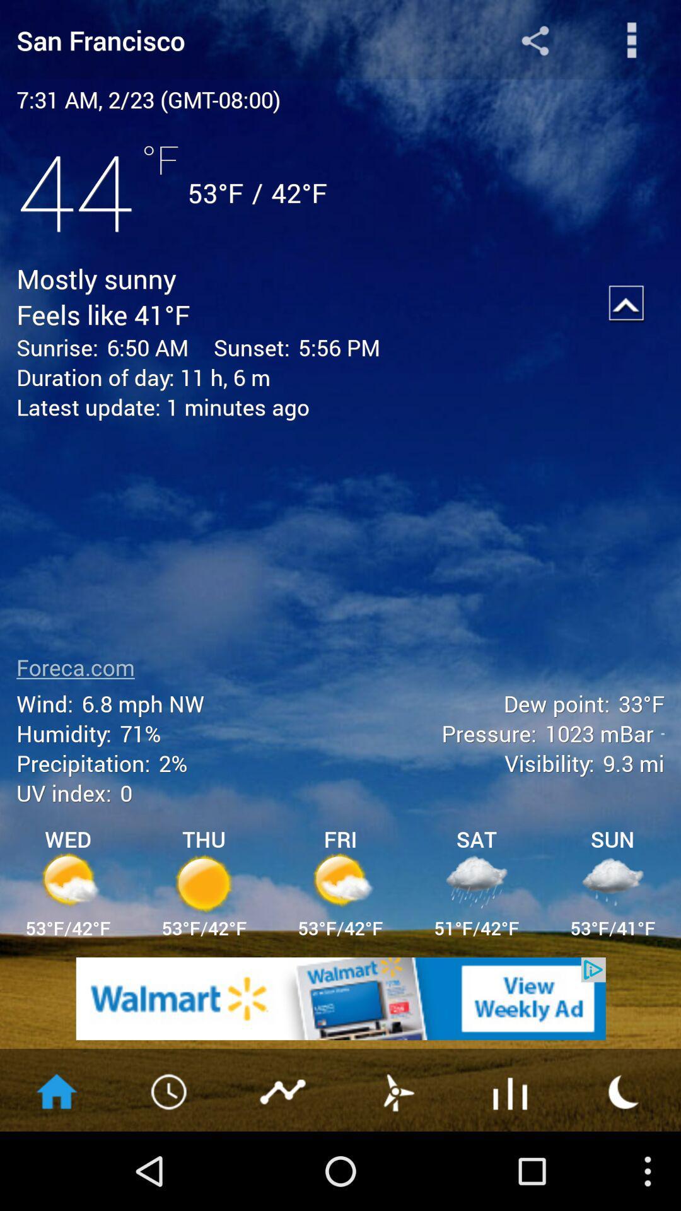 The width and height of the screenshot is (681, 1211). What do you see at coordinates (627, 324) in the screenshot?
I see `the expand_less icon` at bounding box center [627, 324].